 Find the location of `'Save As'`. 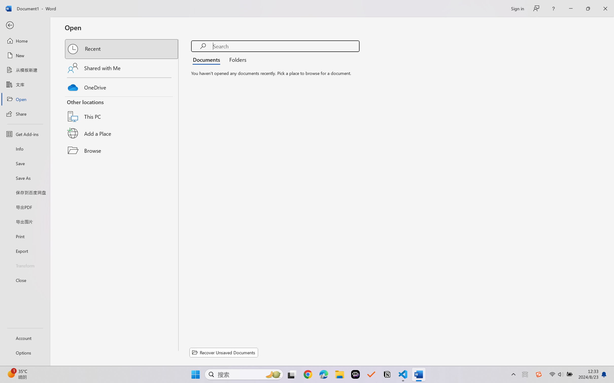

'Save As' is located at coordinates (25, 178).